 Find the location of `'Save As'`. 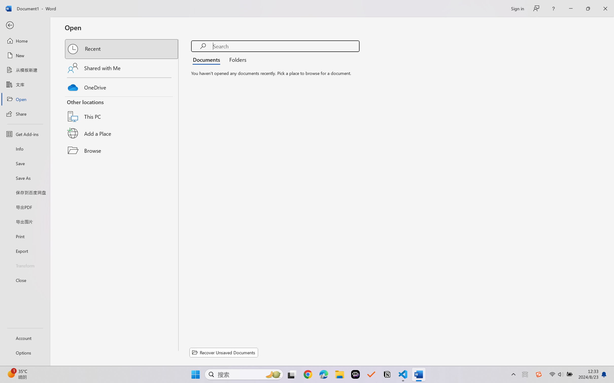

'Save As' is located at coordinates (25, 178).